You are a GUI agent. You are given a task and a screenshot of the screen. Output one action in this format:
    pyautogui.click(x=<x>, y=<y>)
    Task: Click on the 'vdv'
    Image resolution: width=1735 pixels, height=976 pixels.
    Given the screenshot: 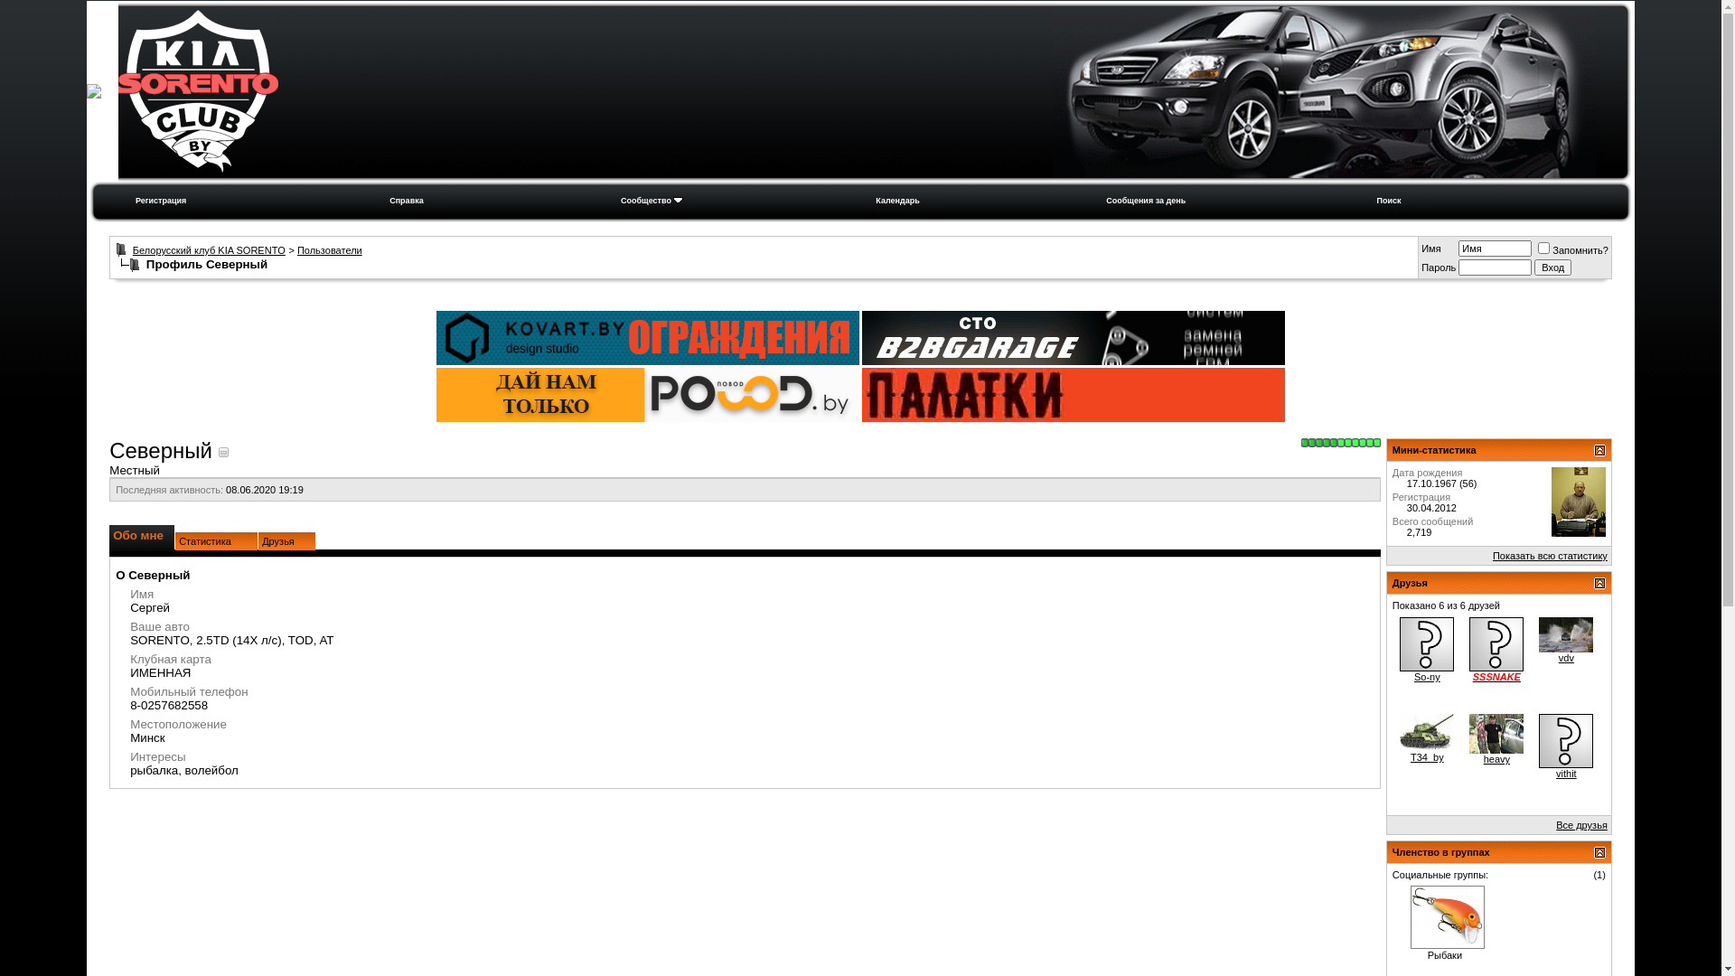 What is the action you would take?
    pyautogui.click(x=1565, y=658)
    